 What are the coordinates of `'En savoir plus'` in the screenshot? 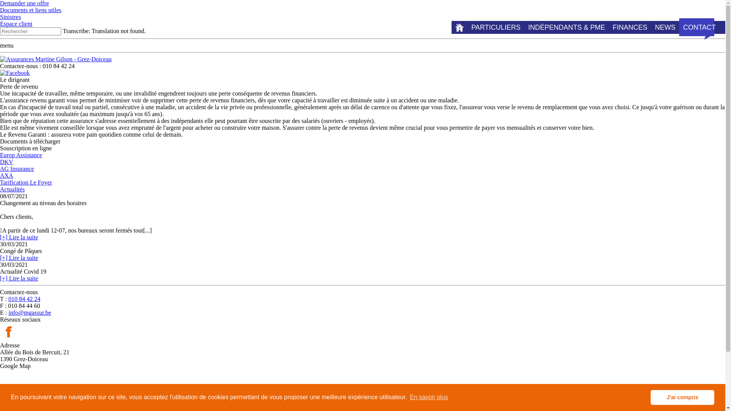 It's located at (429, 397).